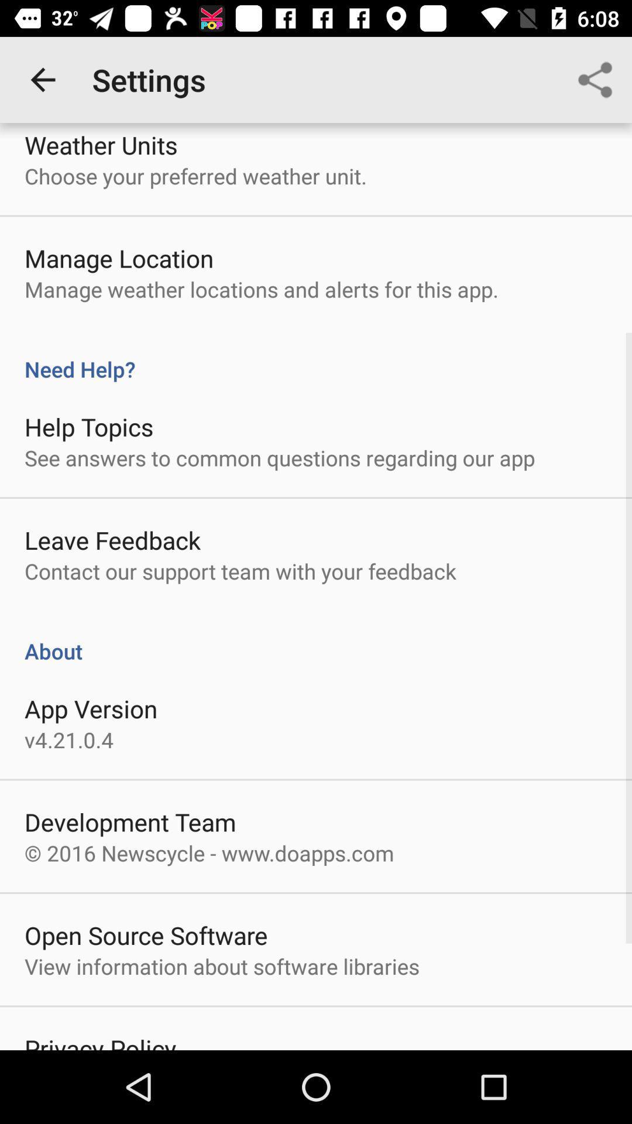  Describe the element at coordinates (99, 1041) in the screenshot. I see `the icon below the view information about` at that location.